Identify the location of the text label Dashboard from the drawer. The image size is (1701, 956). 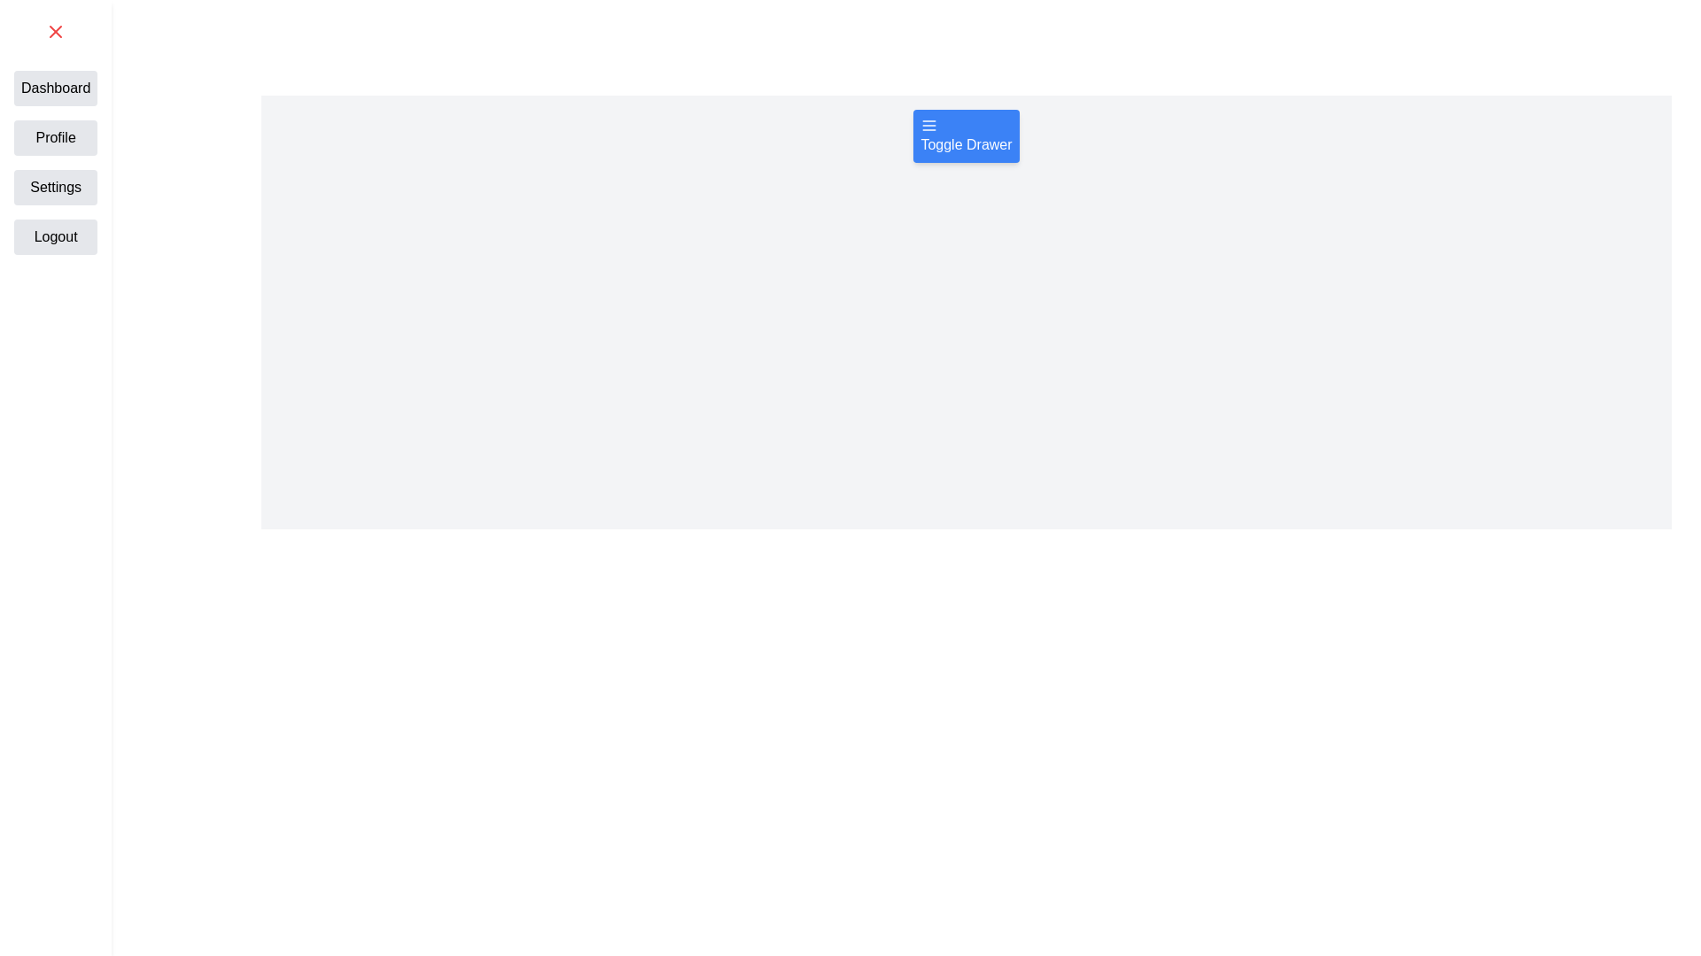
(56, 89).